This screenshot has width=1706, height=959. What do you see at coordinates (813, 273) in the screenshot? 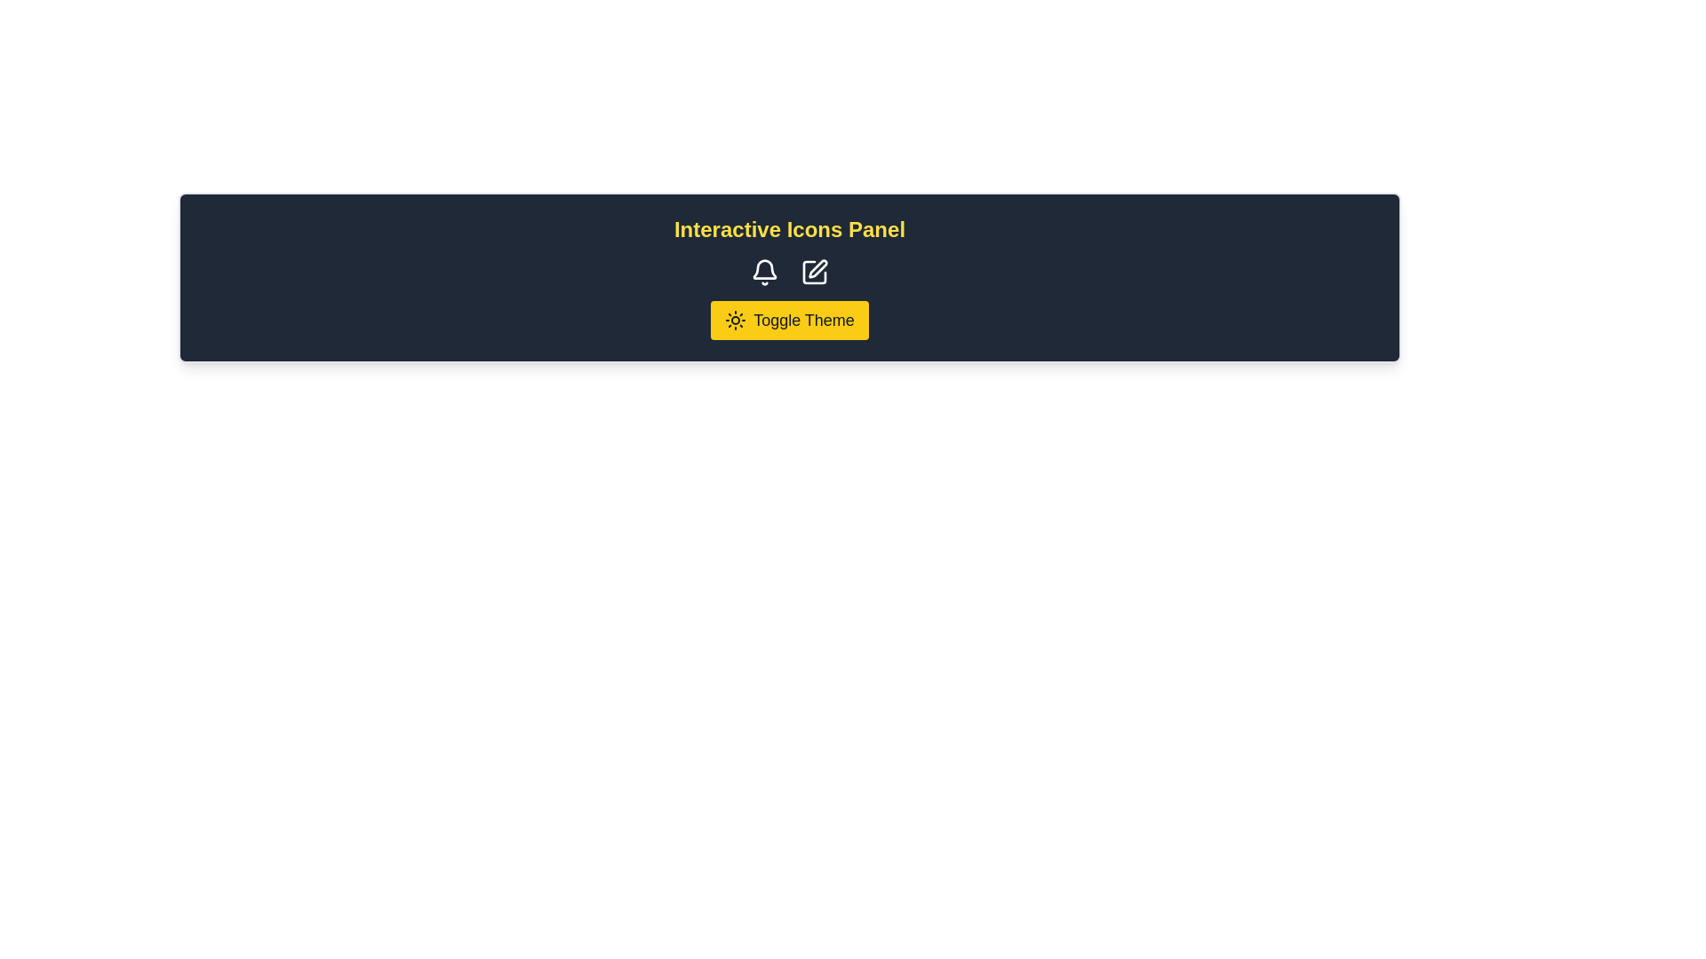
I see `the editing or settings icon located to the right of the bell icon in the header section of the application` at bounding box center [813, 273].